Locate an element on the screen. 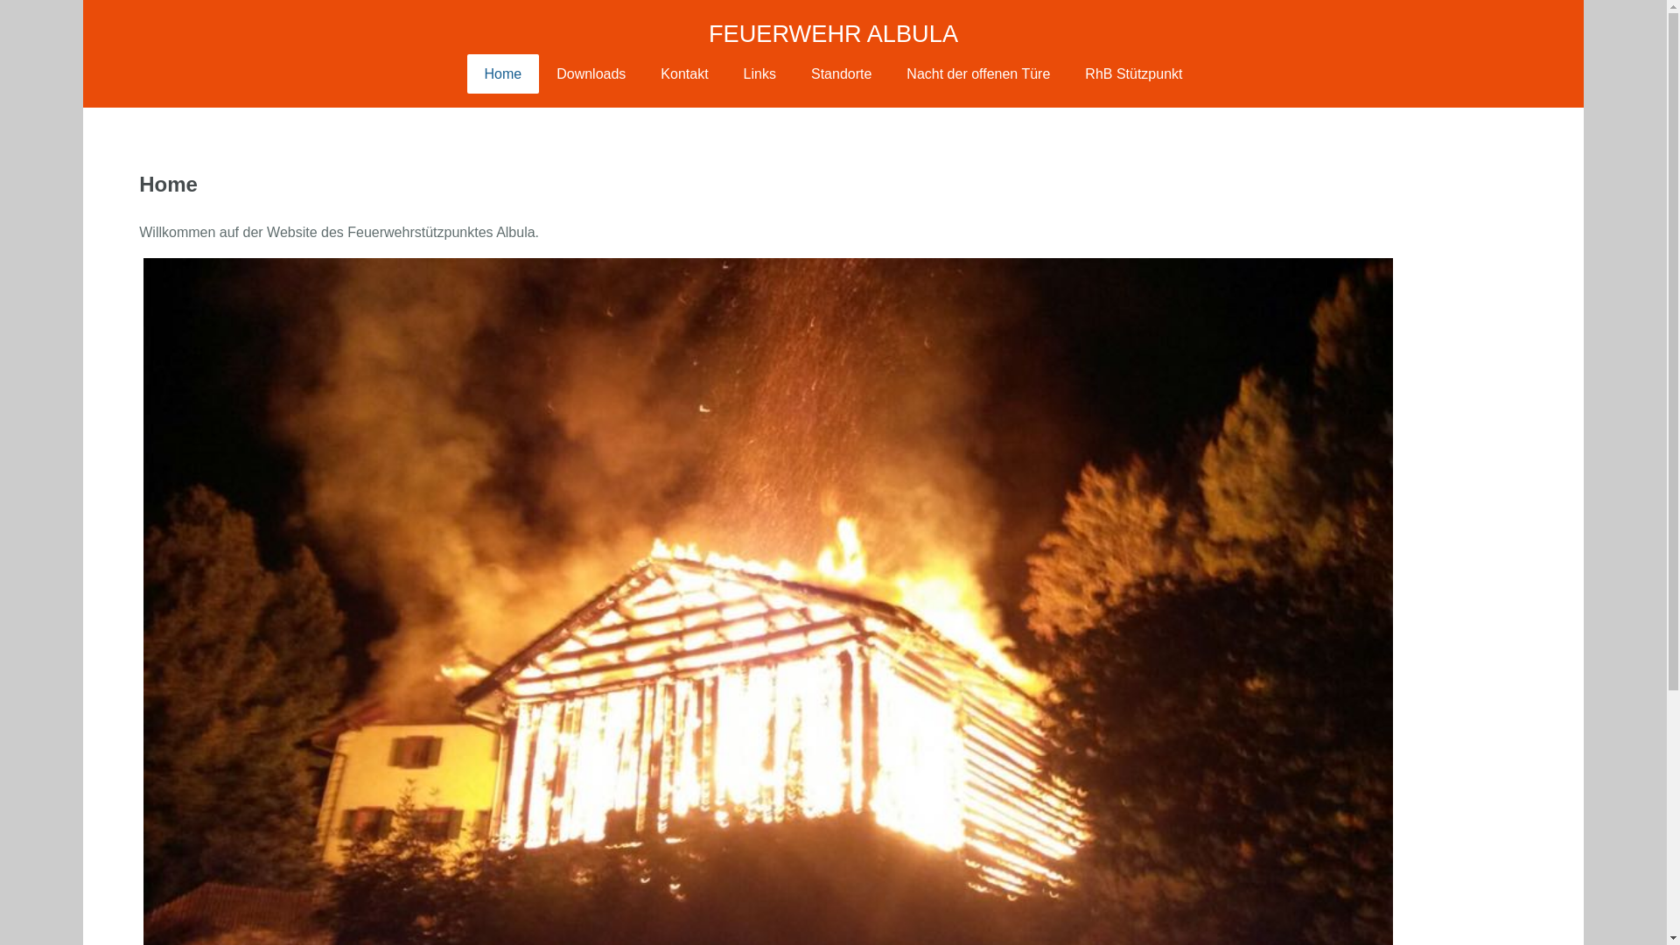 The image size is (1680, 945). 'Standorte' is located at coordinates (793, 73).